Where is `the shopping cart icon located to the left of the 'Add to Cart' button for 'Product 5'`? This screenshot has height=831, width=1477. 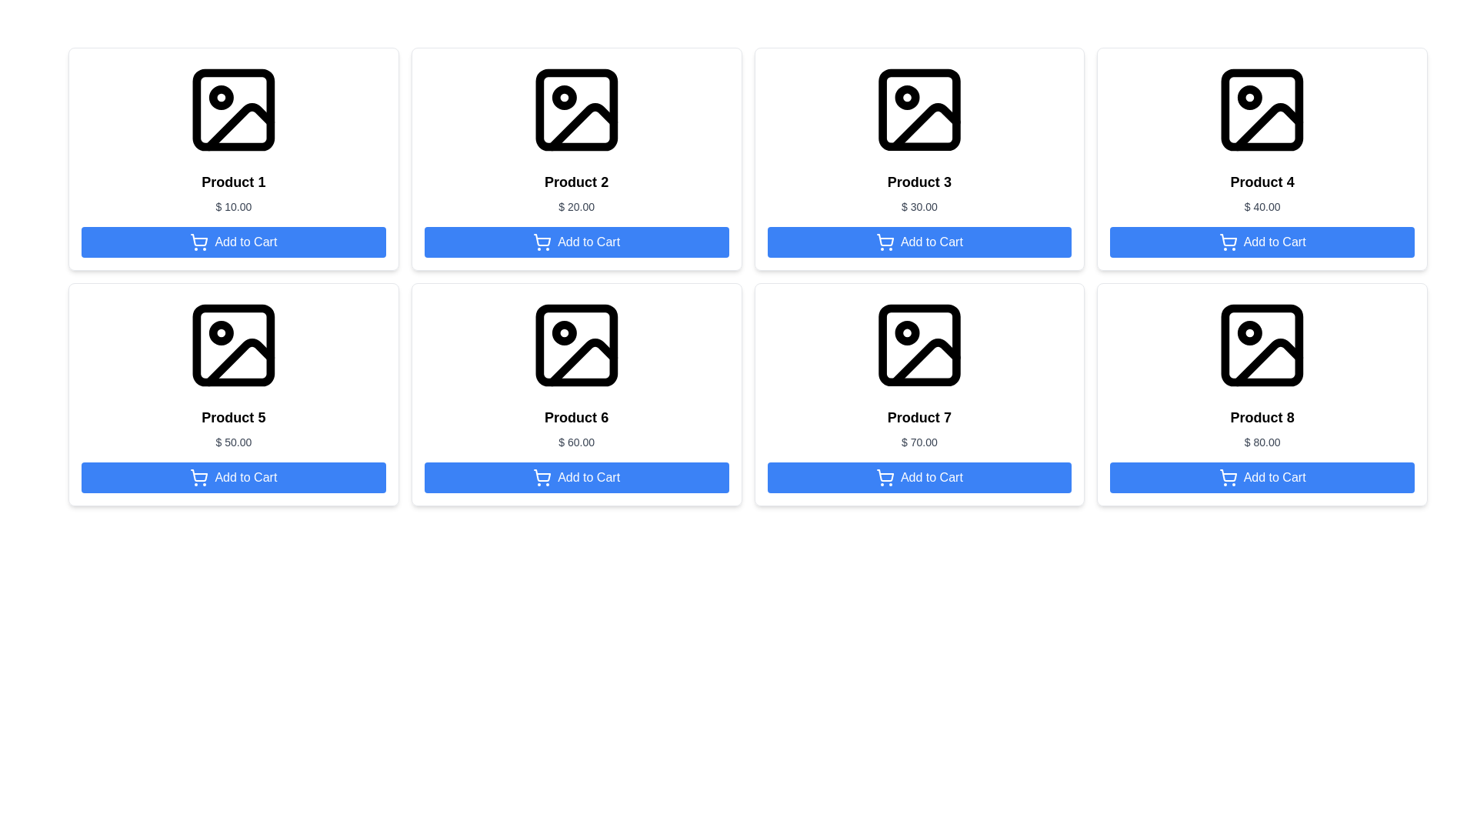
the shopping cart icon located to the left of the 'Add to Cart' button for 'Product 5' is located at coordinates (198, 475).